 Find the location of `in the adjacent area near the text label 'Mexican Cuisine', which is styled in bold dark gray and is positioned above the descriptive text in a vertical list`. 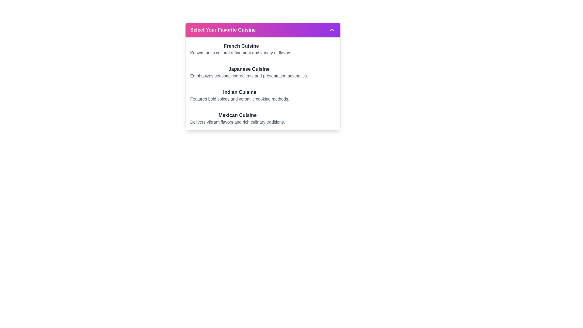

in the adjacent area near the text label 'Mexican Cuisine', which is styled in bold dark gray and is positioned above the descriptive text in a vertical list is located at coordinates (237, 115).